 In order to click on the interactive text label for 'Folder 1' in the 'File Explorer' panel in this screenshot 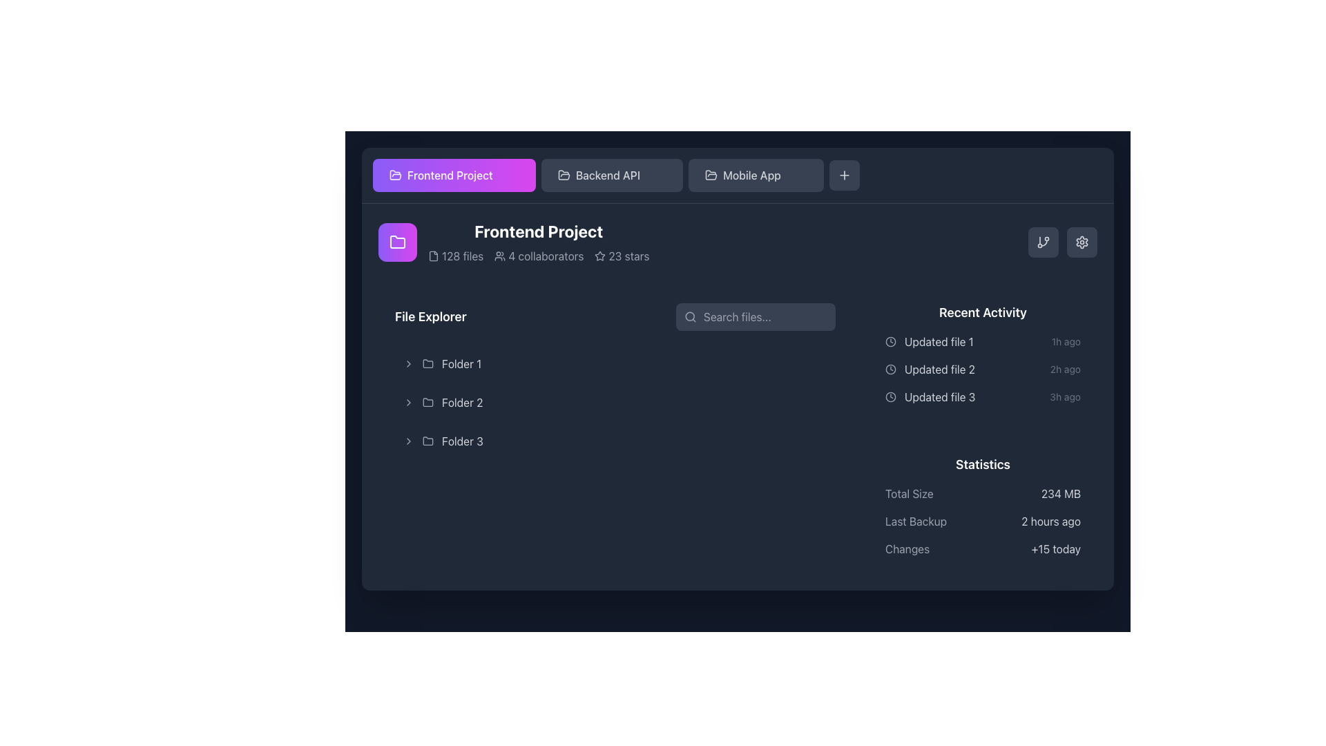, I will do `click(461, 363)`.